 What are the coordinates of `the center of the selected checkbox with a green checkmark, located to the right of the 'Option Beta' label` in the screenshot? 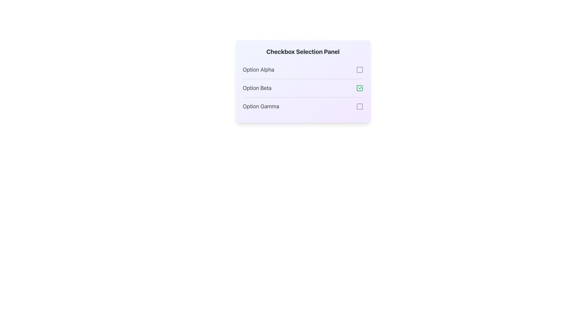 It's located at (359, 88).